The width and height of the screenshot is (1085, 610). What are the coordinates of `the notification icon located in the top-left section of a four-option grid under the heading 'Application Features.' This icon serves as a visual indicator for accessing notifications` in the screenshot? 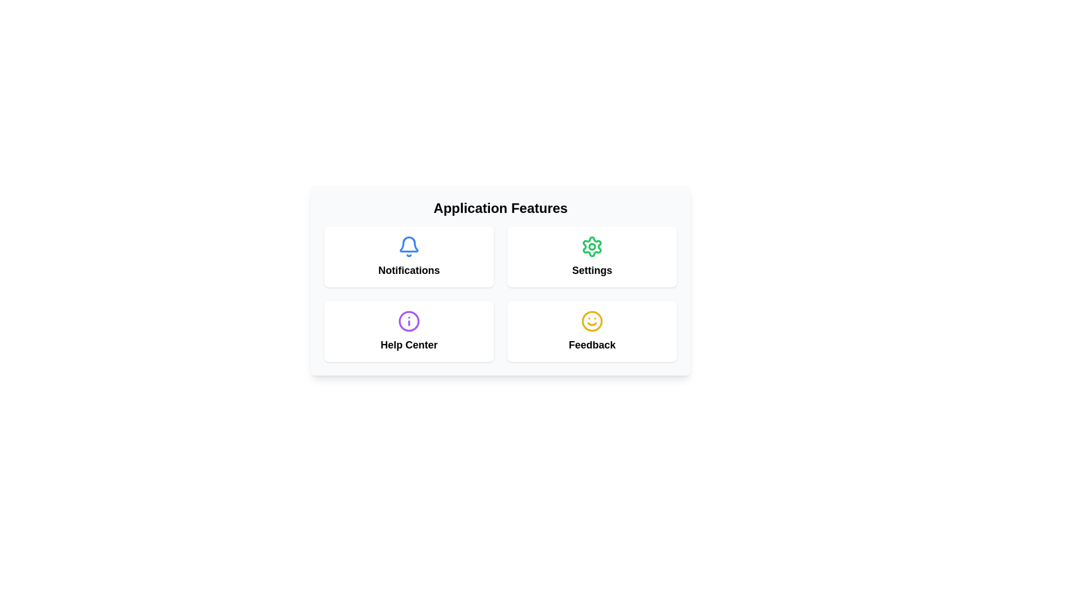 It's located at (409, 246).